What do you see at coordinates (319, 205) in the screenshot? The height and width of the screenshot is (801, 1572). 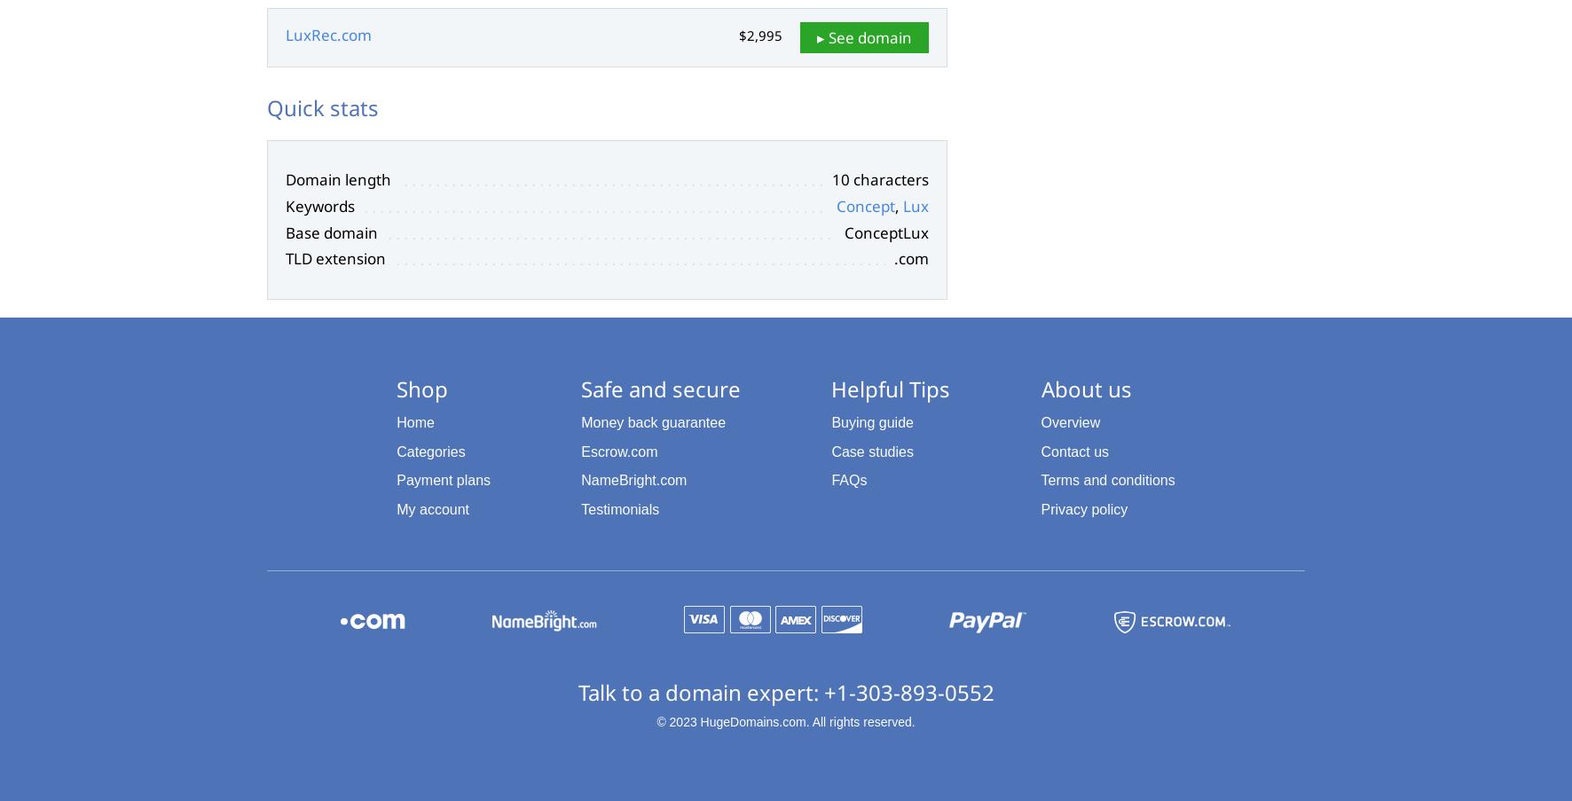 I see `'Keywords'` at bounding box center [319, 205].